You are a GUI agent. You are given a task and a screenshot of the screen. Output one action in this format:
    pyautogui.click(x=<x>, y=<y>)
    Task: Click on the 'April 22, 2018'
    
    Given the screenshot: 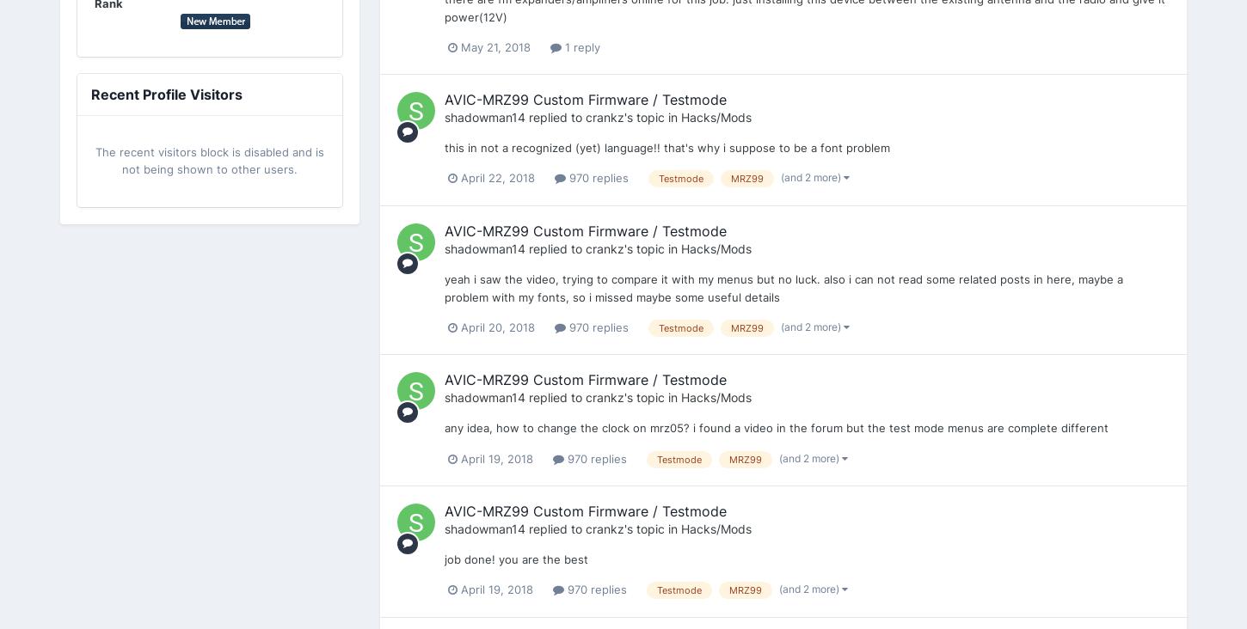 What is the action you would take?
    pyautogui.click(x=497, y=177)
    